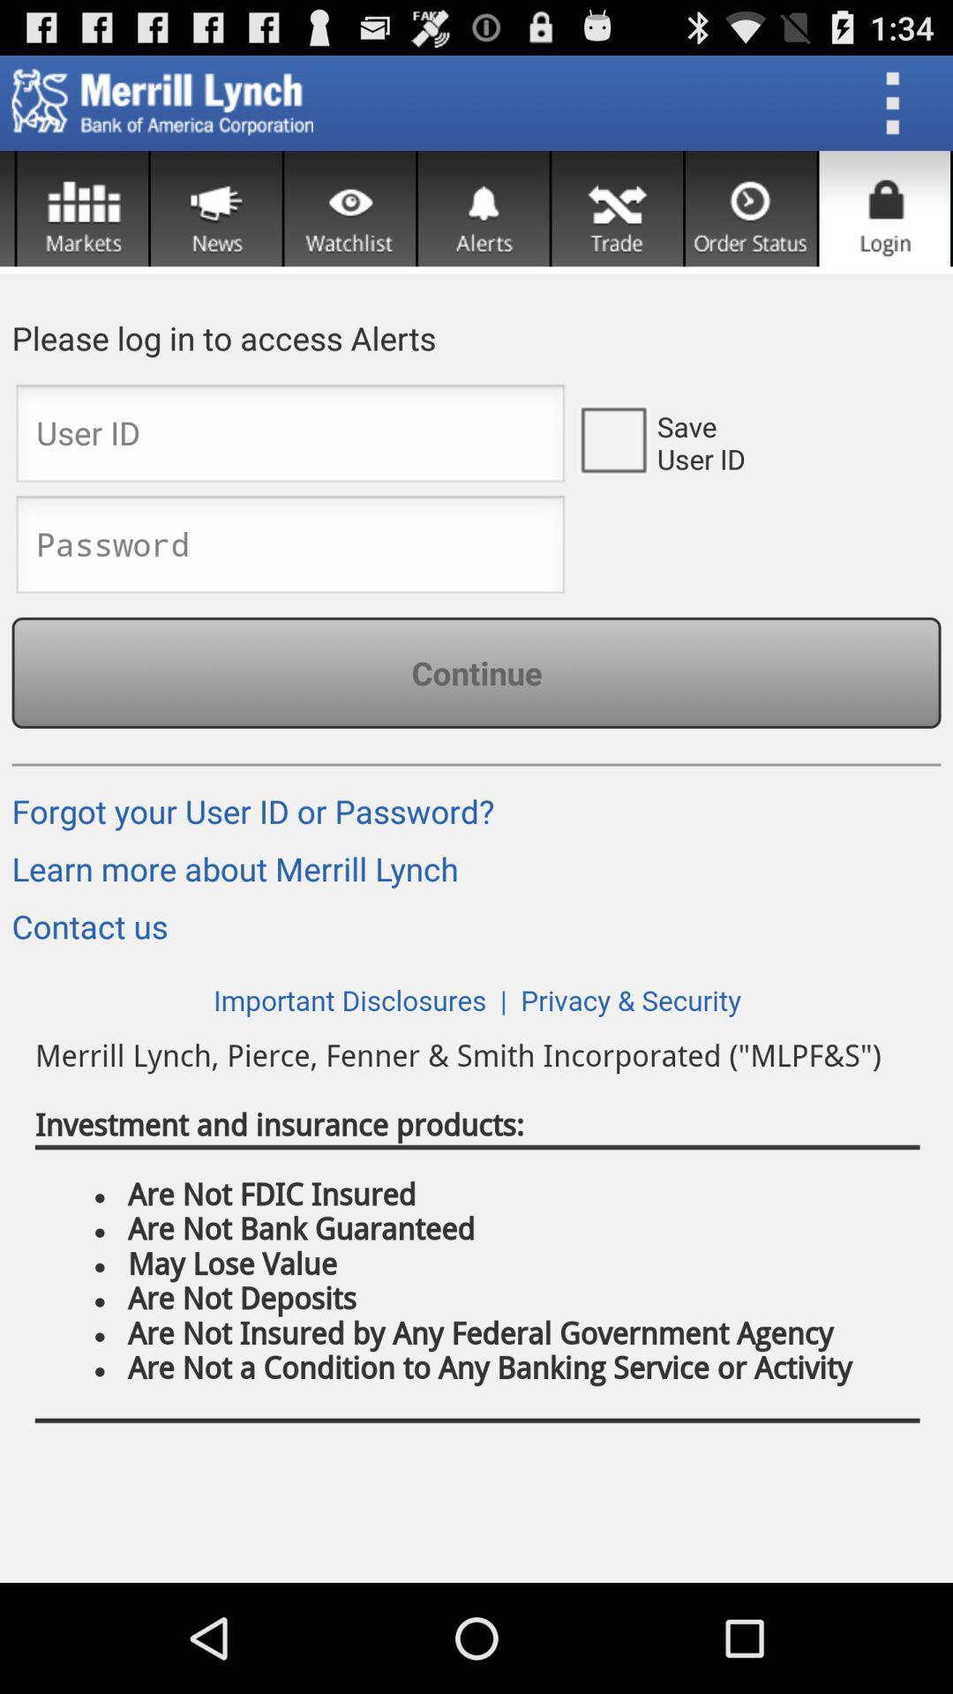 The height and width of the screenshot is (1694, 953). What do you see at coordinates (616, 208) in the screenshot?
I see `the trade button` at bounding box center [616, 208].